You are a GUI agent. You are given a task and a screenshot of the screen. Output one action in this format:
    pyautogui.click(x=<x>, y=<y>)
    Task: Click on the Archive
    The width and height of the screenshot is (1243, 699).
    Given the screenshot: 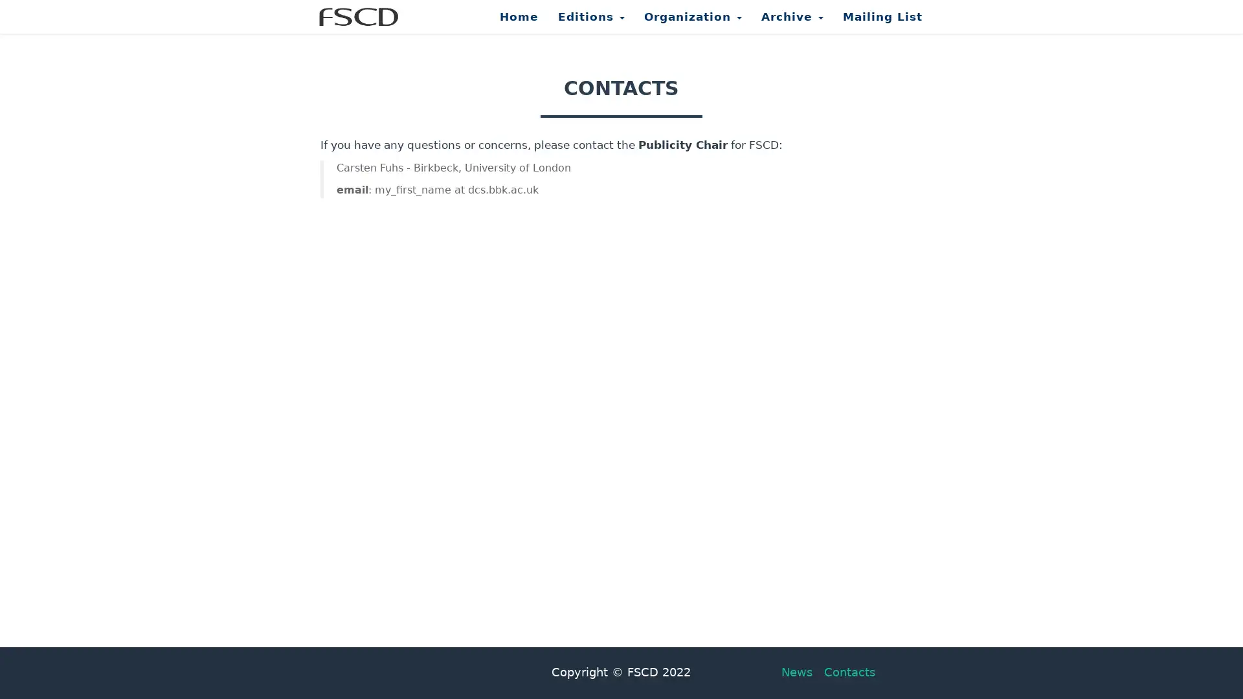 What is the action you would take?
    pyautogui.click(x=792, y=22)
    